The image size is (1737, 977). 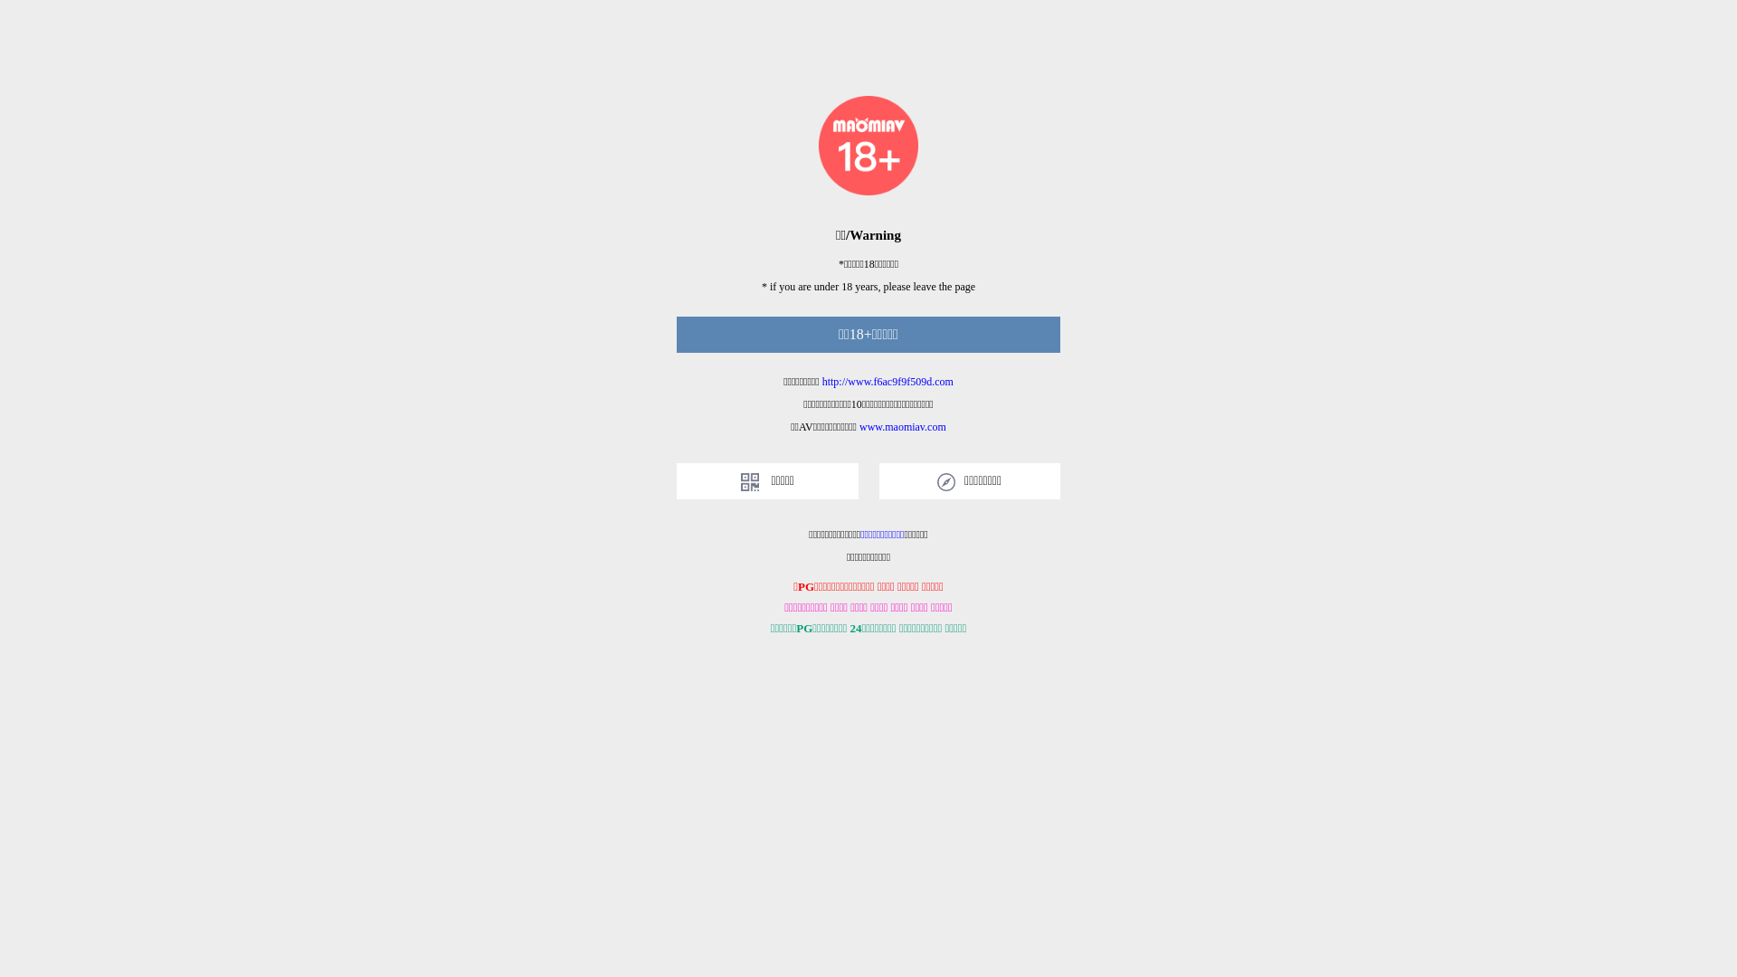 I want to click on 'http://www.f6ac9f9f509d.com', so click(x=887, y=380).